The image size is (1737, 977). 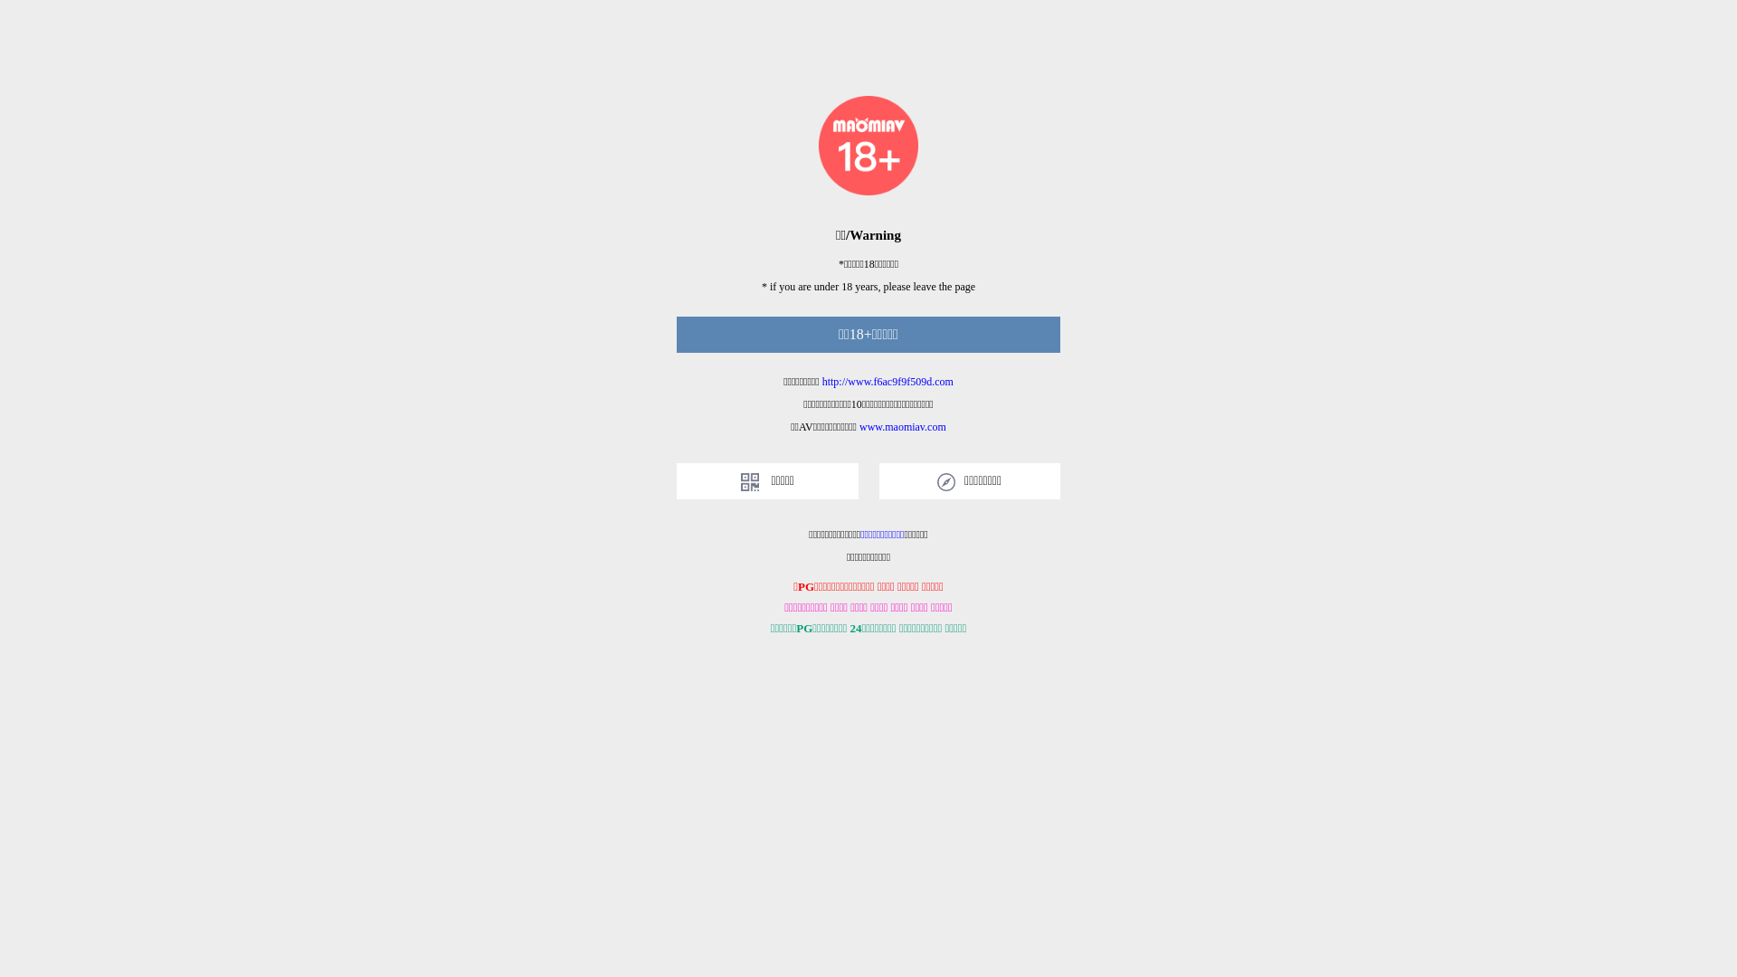 I want to click on 'http://www.f6ac9f9f509d.com', so click(x=887, y=380).